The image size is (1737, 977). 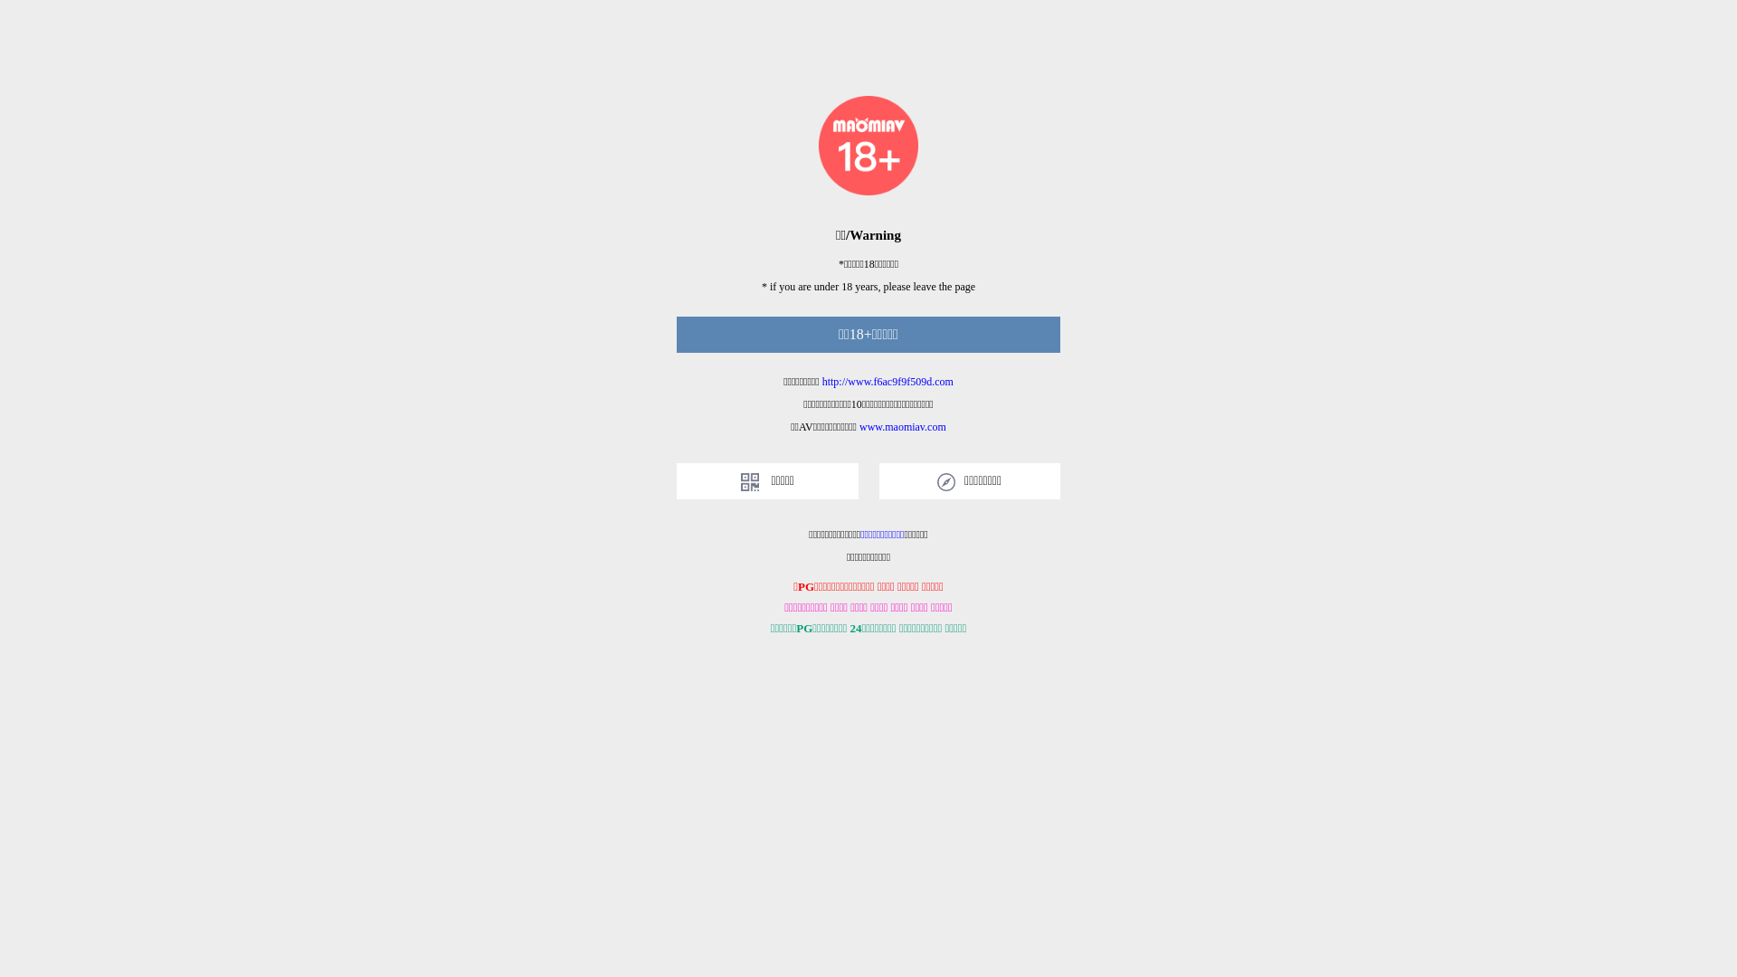 I want to click on 'http://www.f6ac9f9f509d.com', so click(x=887, y=380).